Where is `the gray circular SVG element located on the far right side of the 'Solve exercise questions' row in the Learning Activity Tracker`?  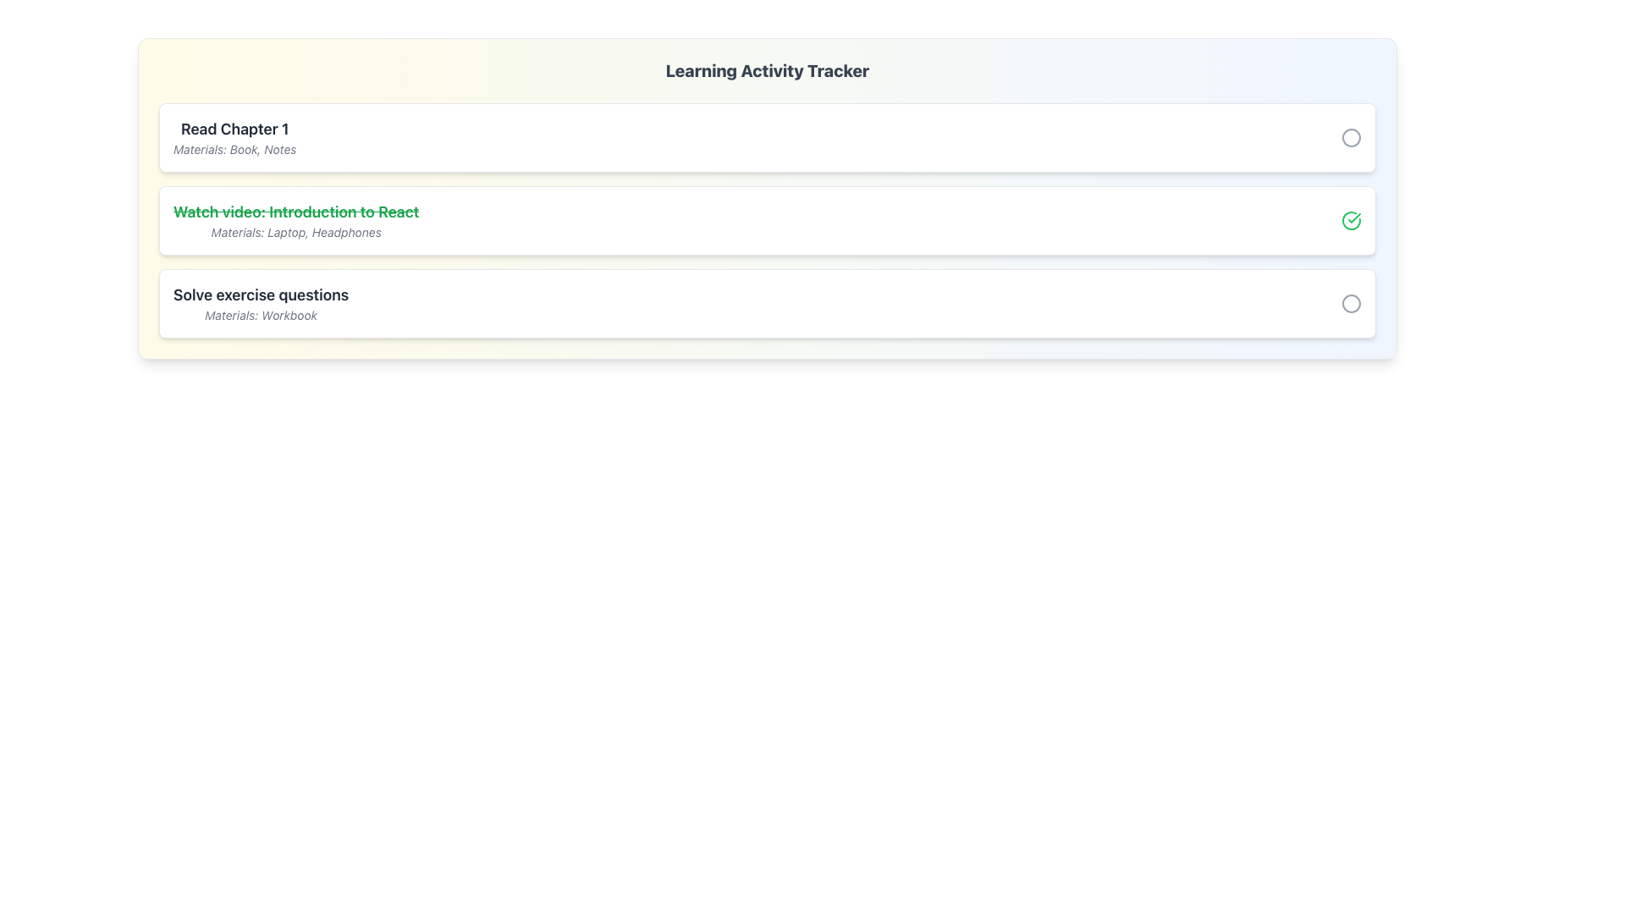 the gray circular SVG element located on the far right side of the 'Solve exercise questions' row in the Learning Activity Tracker is located at coordinates (1351, 302).